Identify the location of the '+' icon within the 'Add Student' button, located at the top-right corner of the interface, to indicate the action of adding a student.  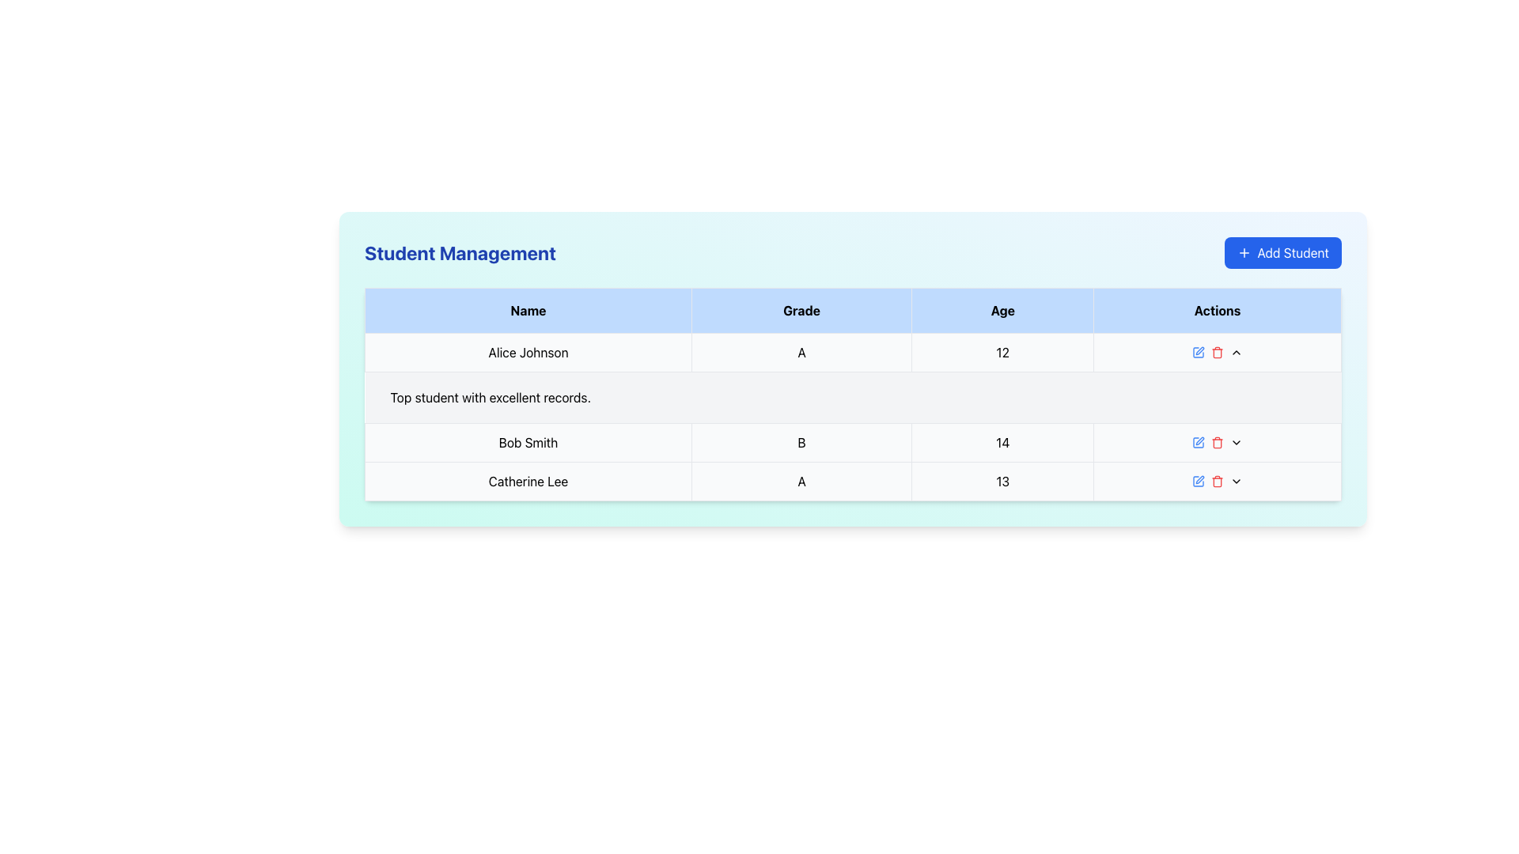
(1243, 252).